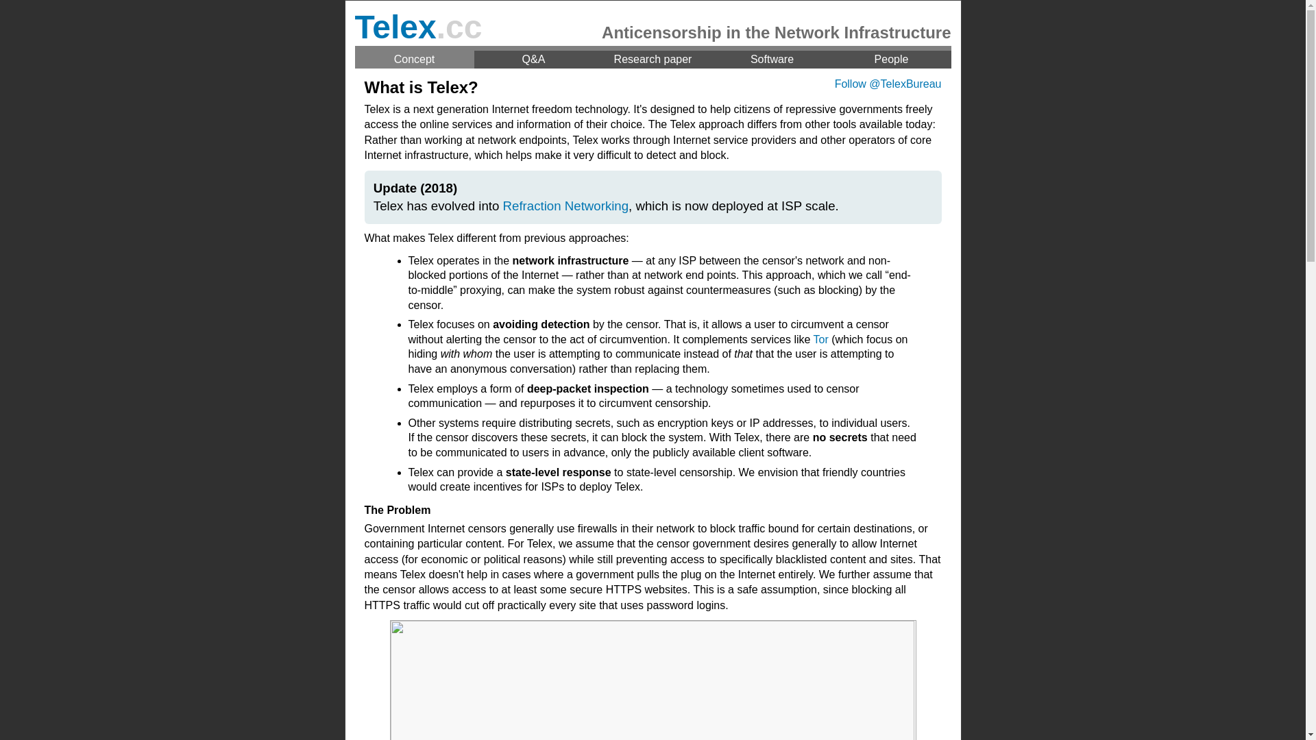 This screenshot has height=740, width=1316. What do you see at coordinates (891, 59) in the screenshot?
I see `'People'` at bounding box center [891, 59].